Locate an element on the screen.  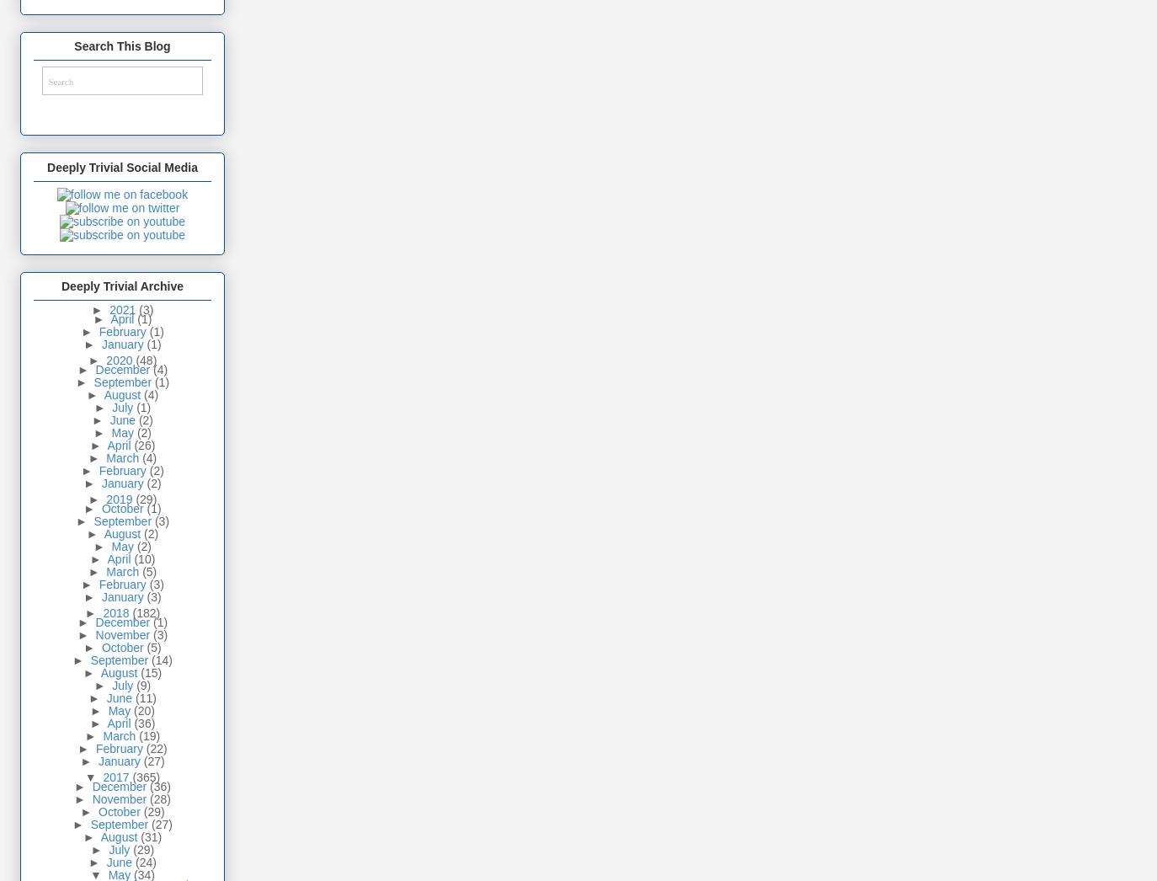
'(48)' is located at coordinates (135, 358).